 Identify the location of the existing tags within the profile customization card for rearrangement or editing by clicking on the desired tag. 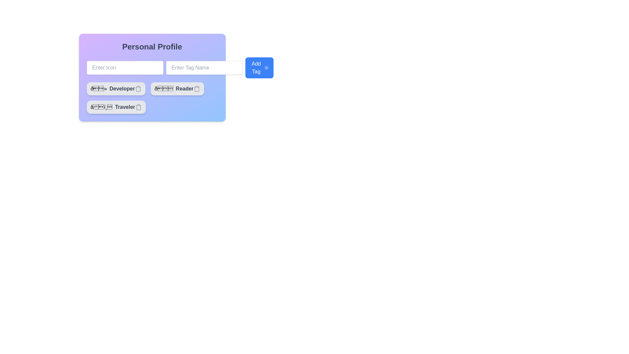
(152, 100).